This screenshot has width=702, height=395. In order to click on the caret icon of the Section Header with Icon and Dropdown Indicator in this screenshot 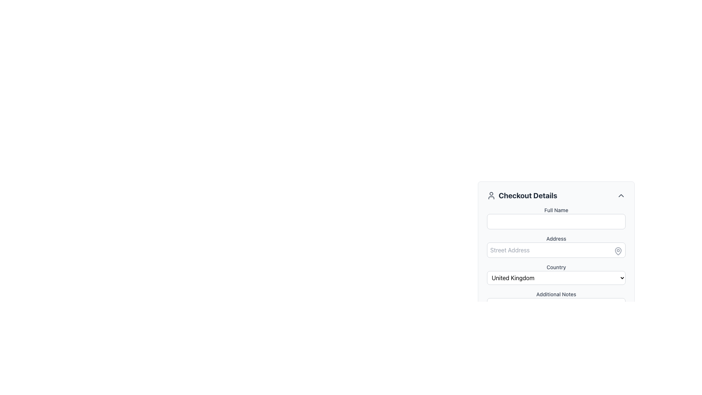, I will do `click(556, 195)`.